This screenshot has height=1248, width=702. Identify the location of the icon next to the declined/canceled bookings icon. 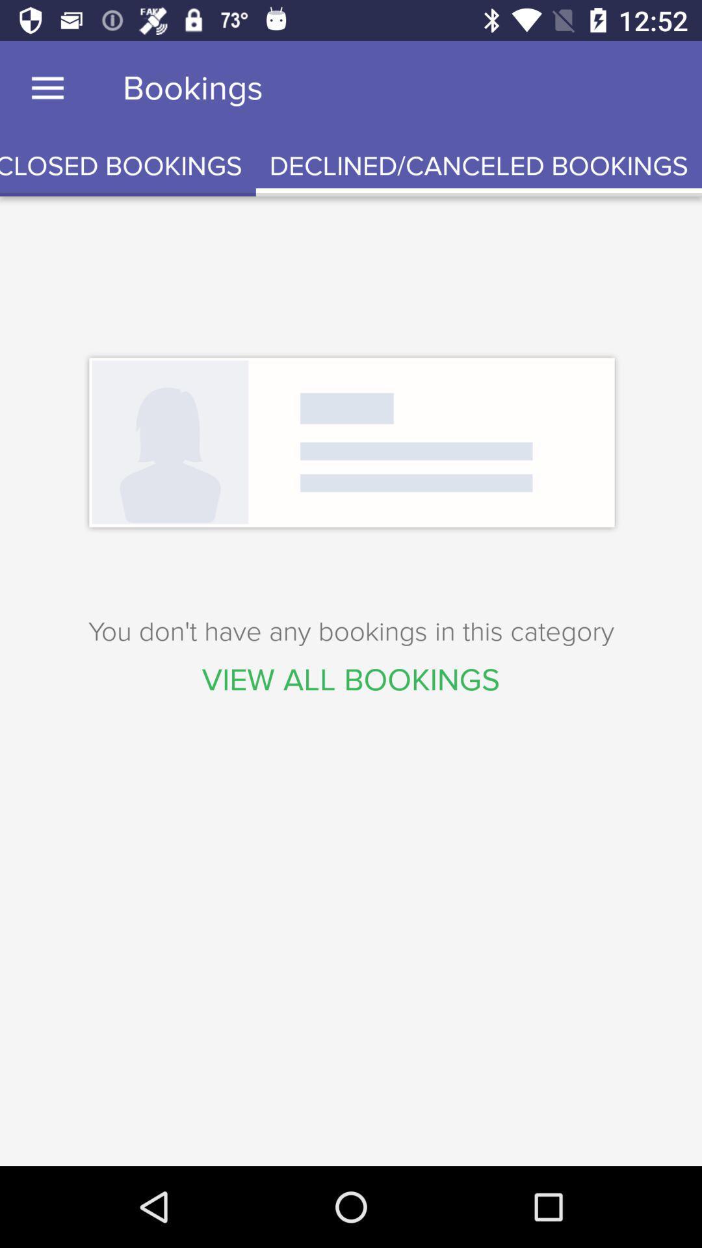
(127, 166).